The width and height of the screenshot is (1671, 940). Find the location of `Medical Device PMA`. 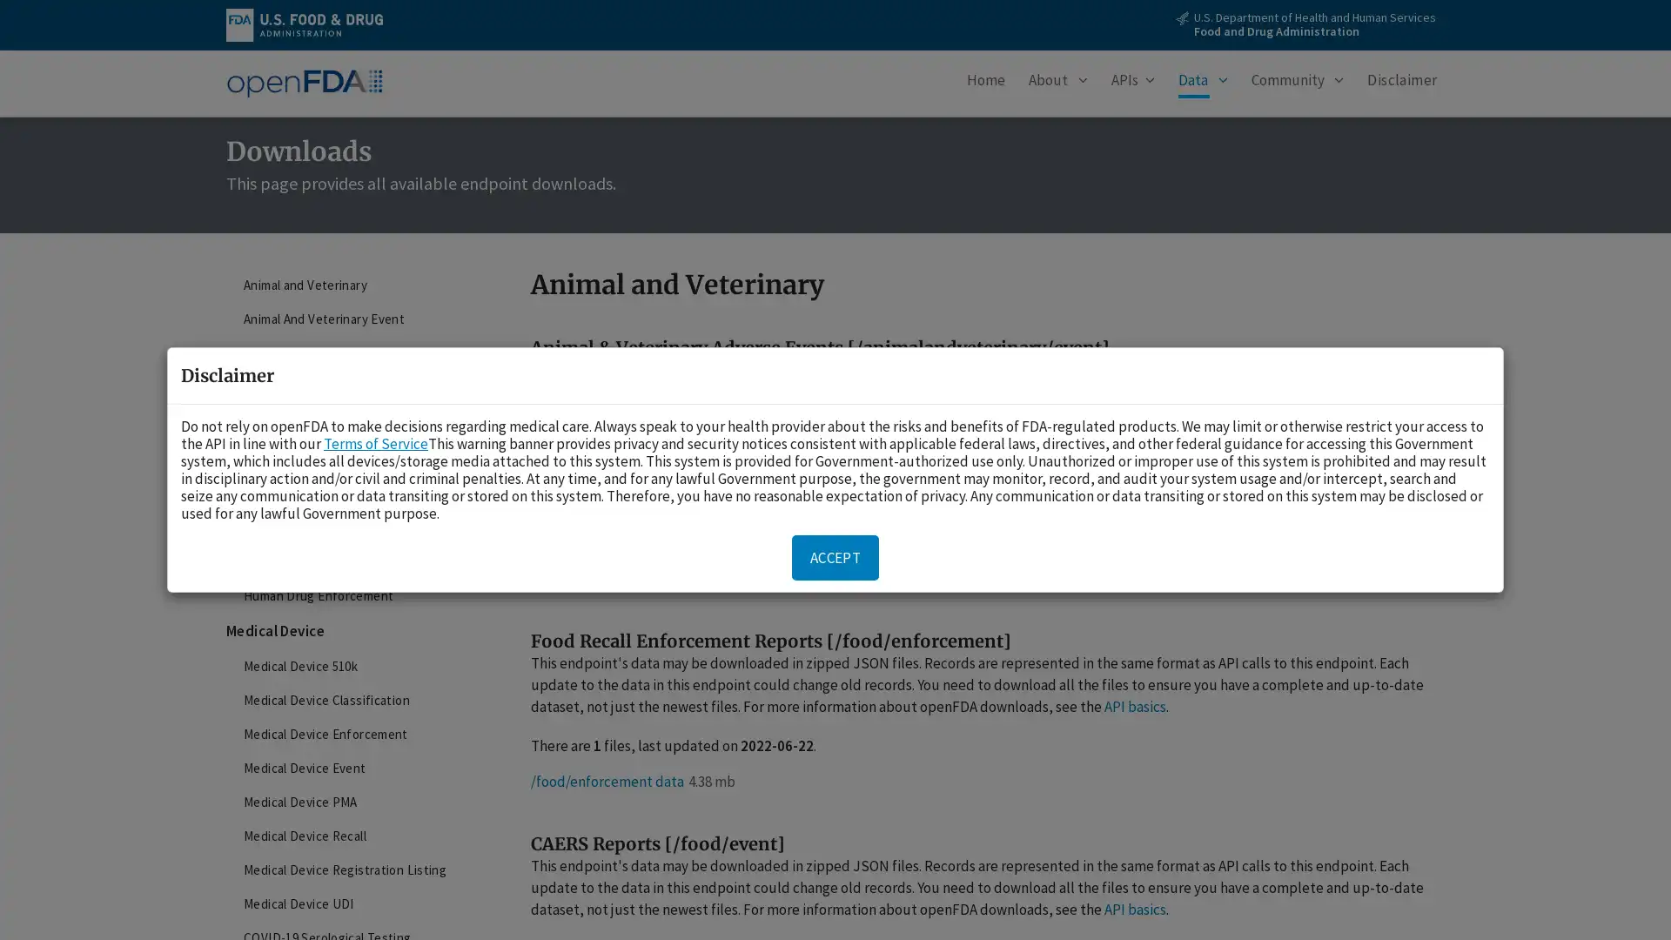

Medical Device PMA is located at coordinates (355, 802).